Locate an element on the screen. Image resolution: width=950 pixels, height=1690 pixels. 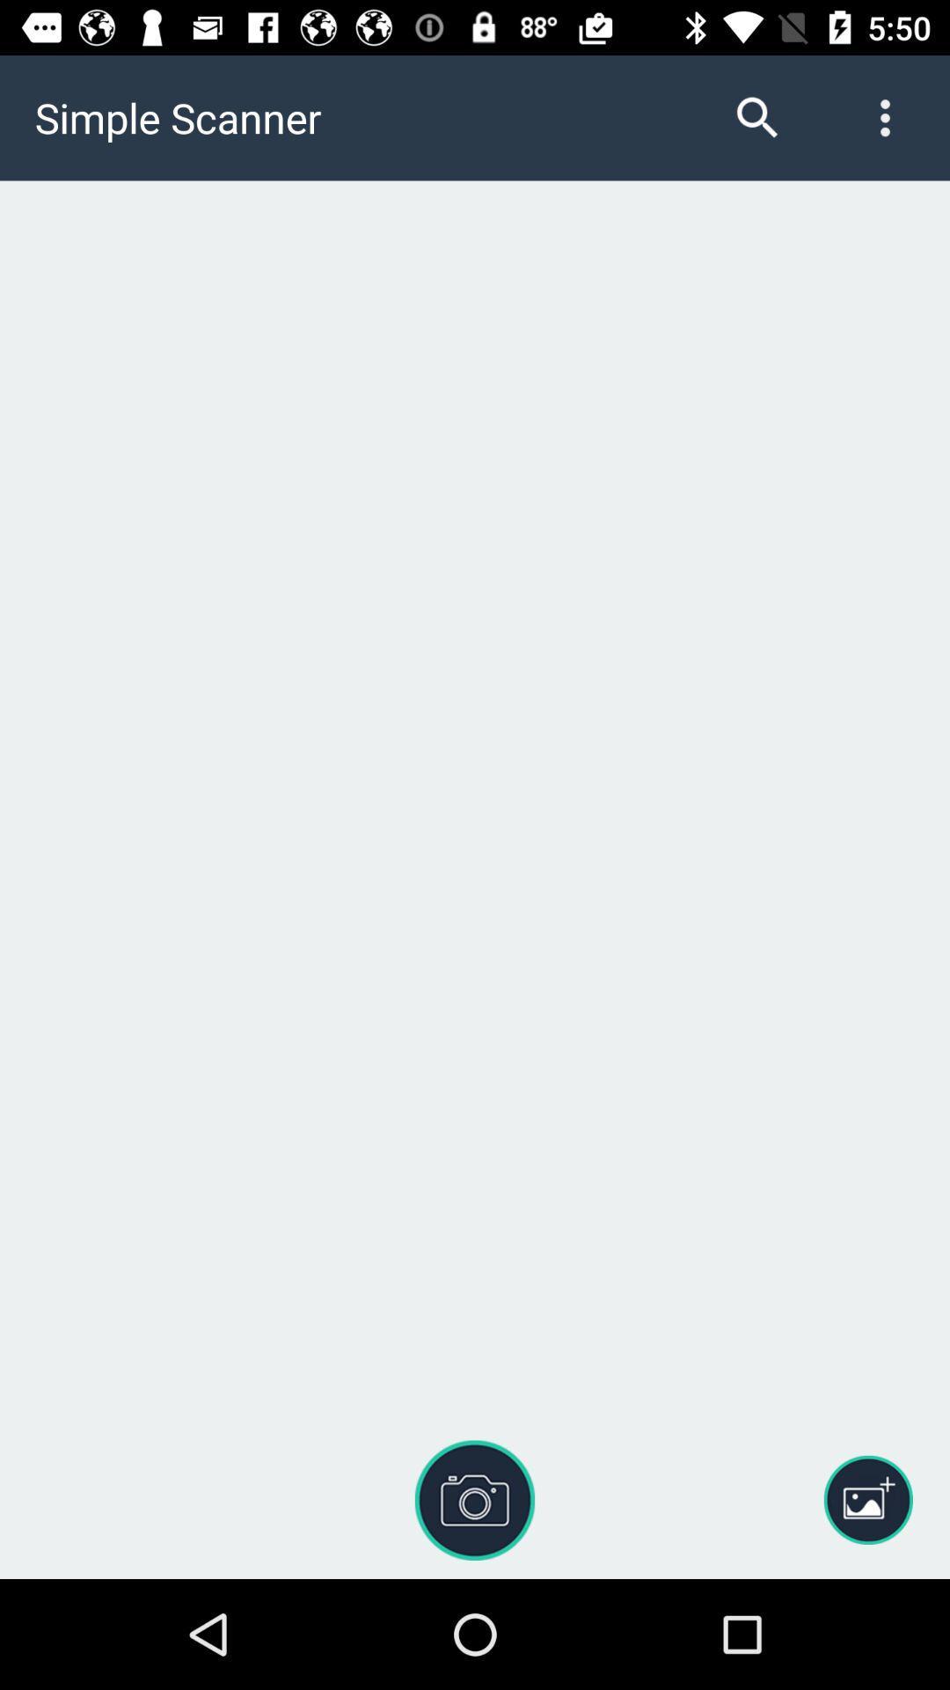
the more icon is located at coordinates (885, 117).